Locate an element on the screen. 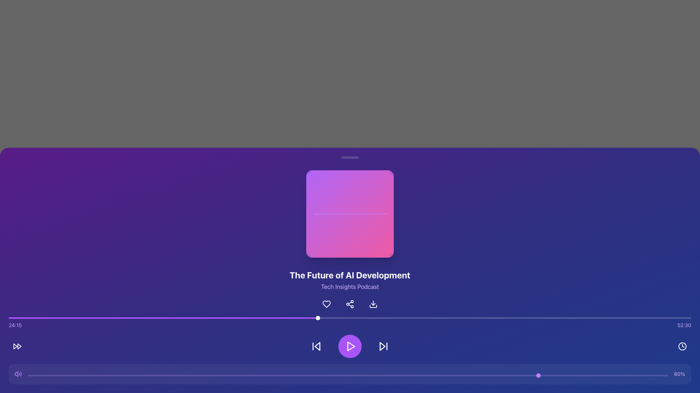 The width and height of the screenshot is (700, 393). the slider value is located at coordinates (495, 376).